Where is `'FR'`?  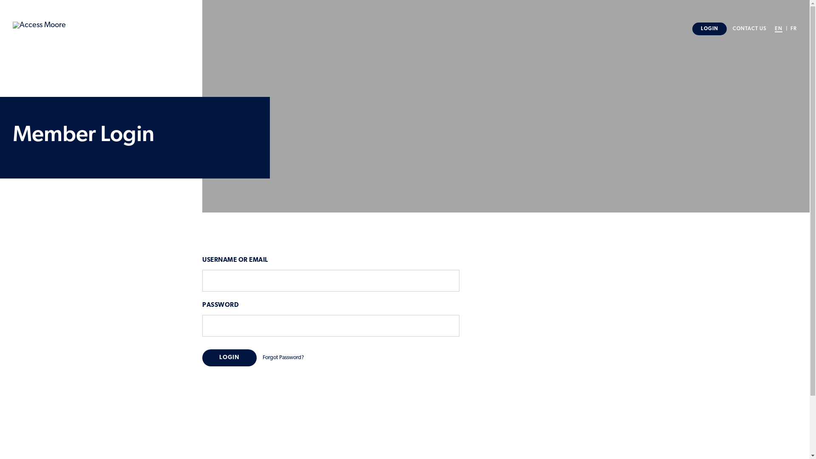 'FR' is located at coordinates (793, 28).